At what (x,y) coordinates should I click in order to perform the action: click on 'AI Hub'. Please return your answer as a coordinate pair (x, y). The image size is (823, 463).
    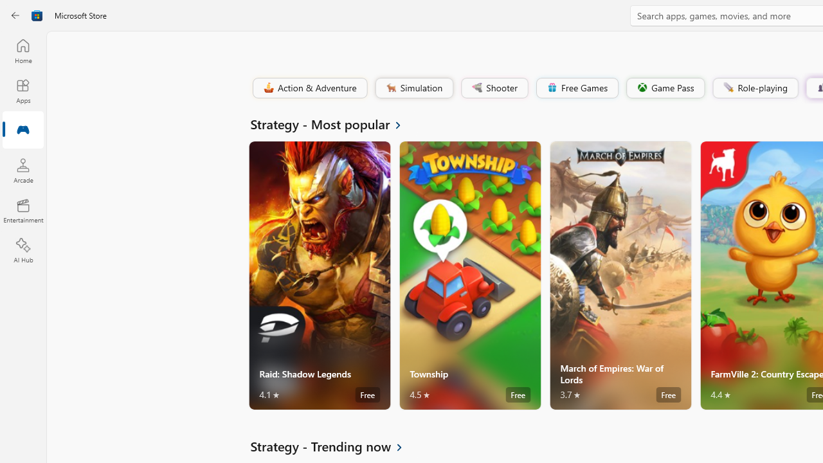
    Looking at the image, I should click on (23, 251).